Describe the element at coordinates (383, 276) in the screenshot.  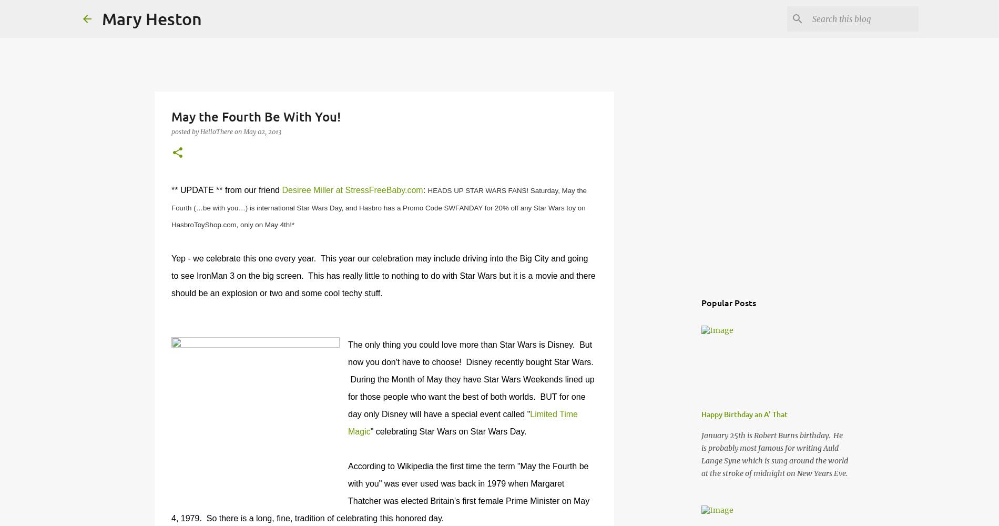
I see `'Yep - we celebrate this one every year.  This year our celebration may include driving into the Big City and going to see IronMan 3 on the big screen.  This has really little to nothing to do with Star Wars but it is a movie and there should be an explosion or two and some cool techy stuff.'` at that location.